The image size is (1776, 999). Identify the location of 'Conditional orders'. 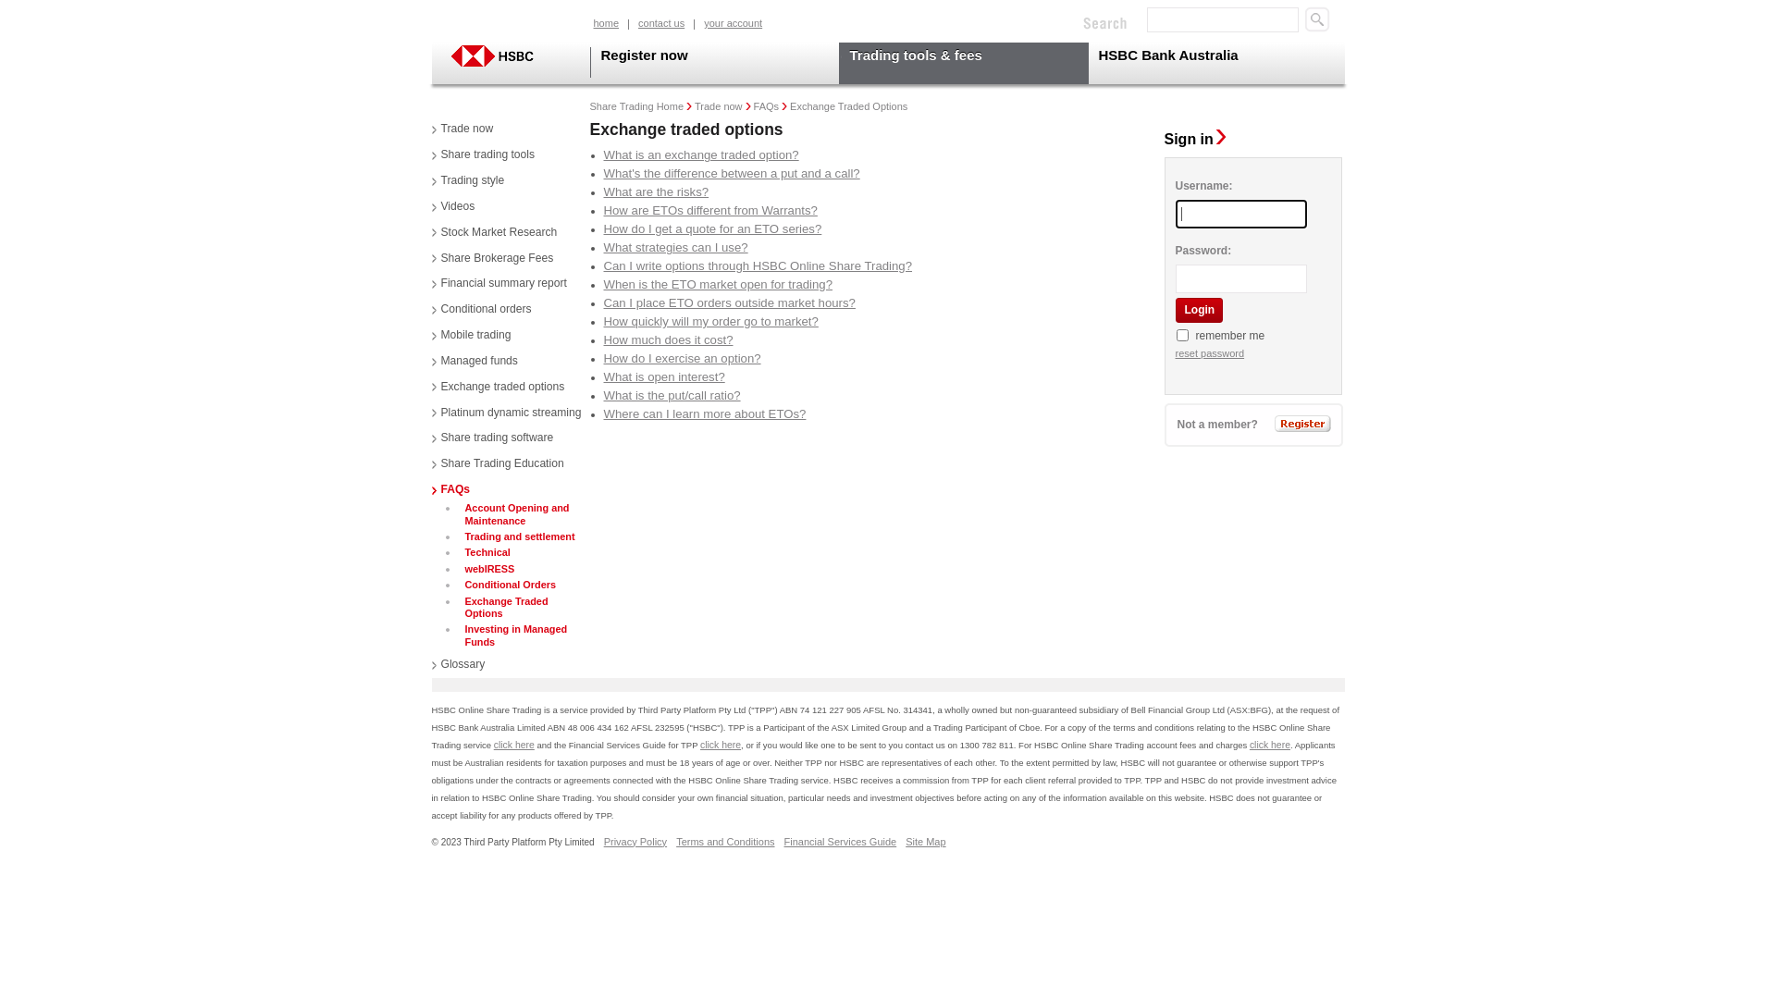
(480, 309).